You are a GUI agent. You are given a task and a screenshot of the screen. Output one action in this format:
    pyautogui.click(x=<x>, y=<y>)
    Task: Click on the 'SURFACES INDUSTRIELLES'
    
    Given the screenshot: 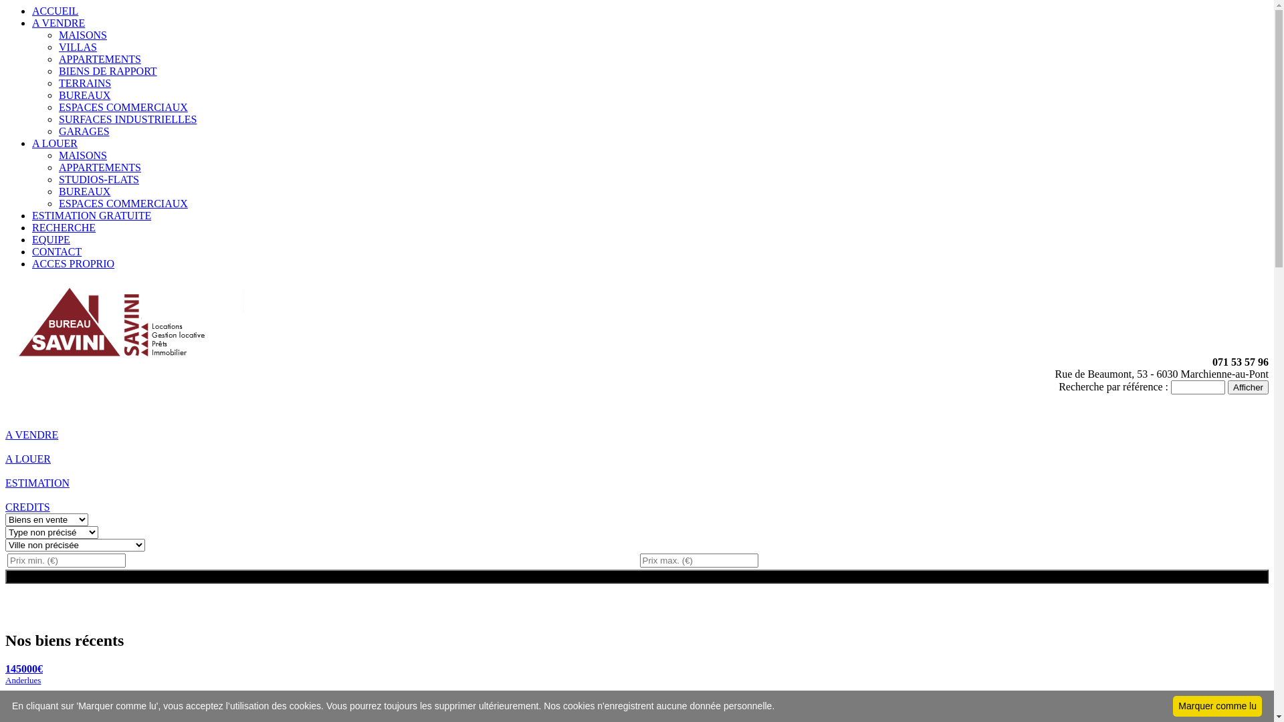 What is the action you would take?
    pyautogui.click(x=58, y=118)
    